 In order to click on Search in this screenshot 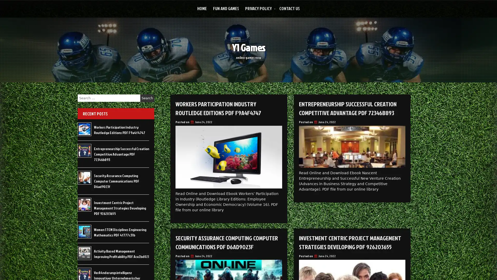, I will do `click(147, 98)`.